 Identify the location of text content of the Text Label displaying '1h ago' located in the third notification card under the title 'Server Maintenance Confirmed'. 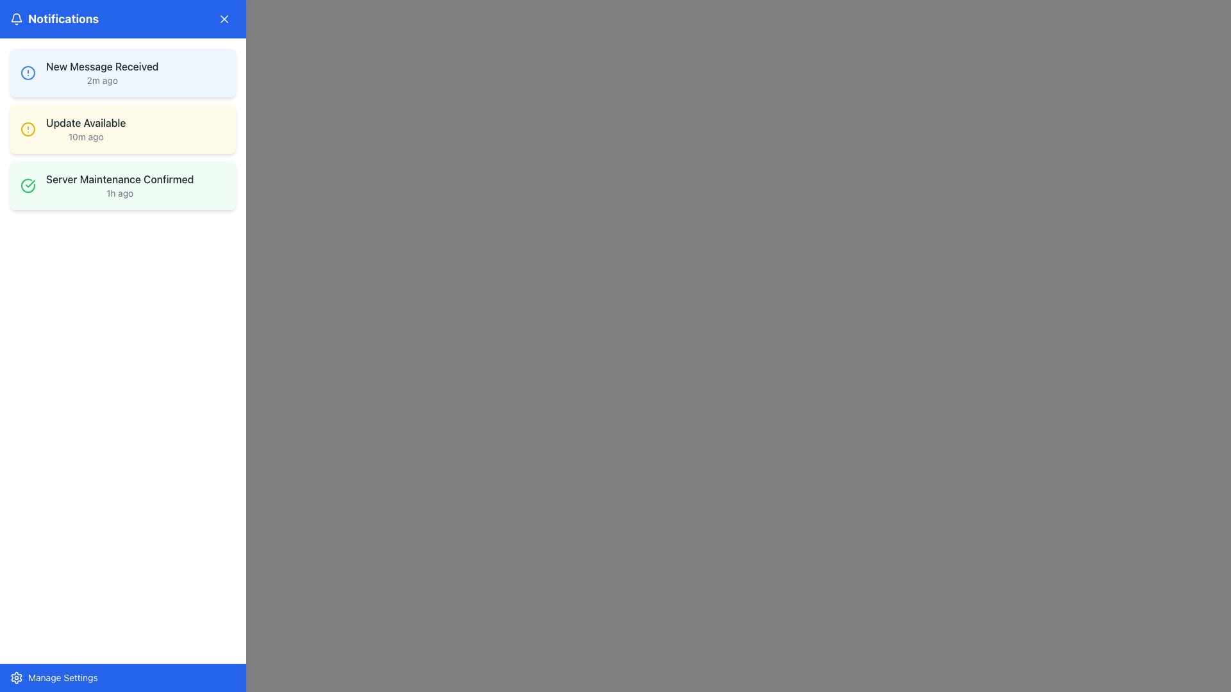
(120, 193).